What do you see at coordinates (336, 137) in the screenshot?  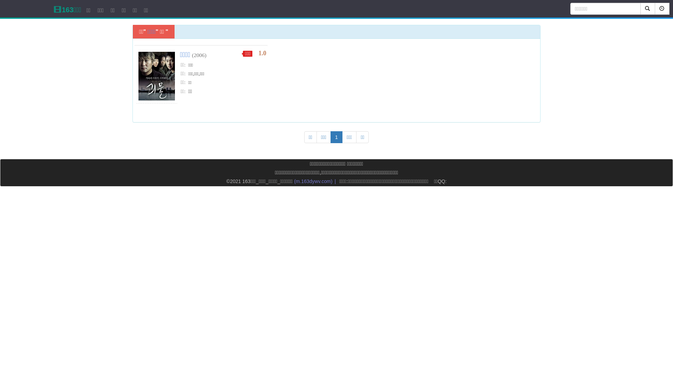 I see `'1'` at bounding box center [336, 137].